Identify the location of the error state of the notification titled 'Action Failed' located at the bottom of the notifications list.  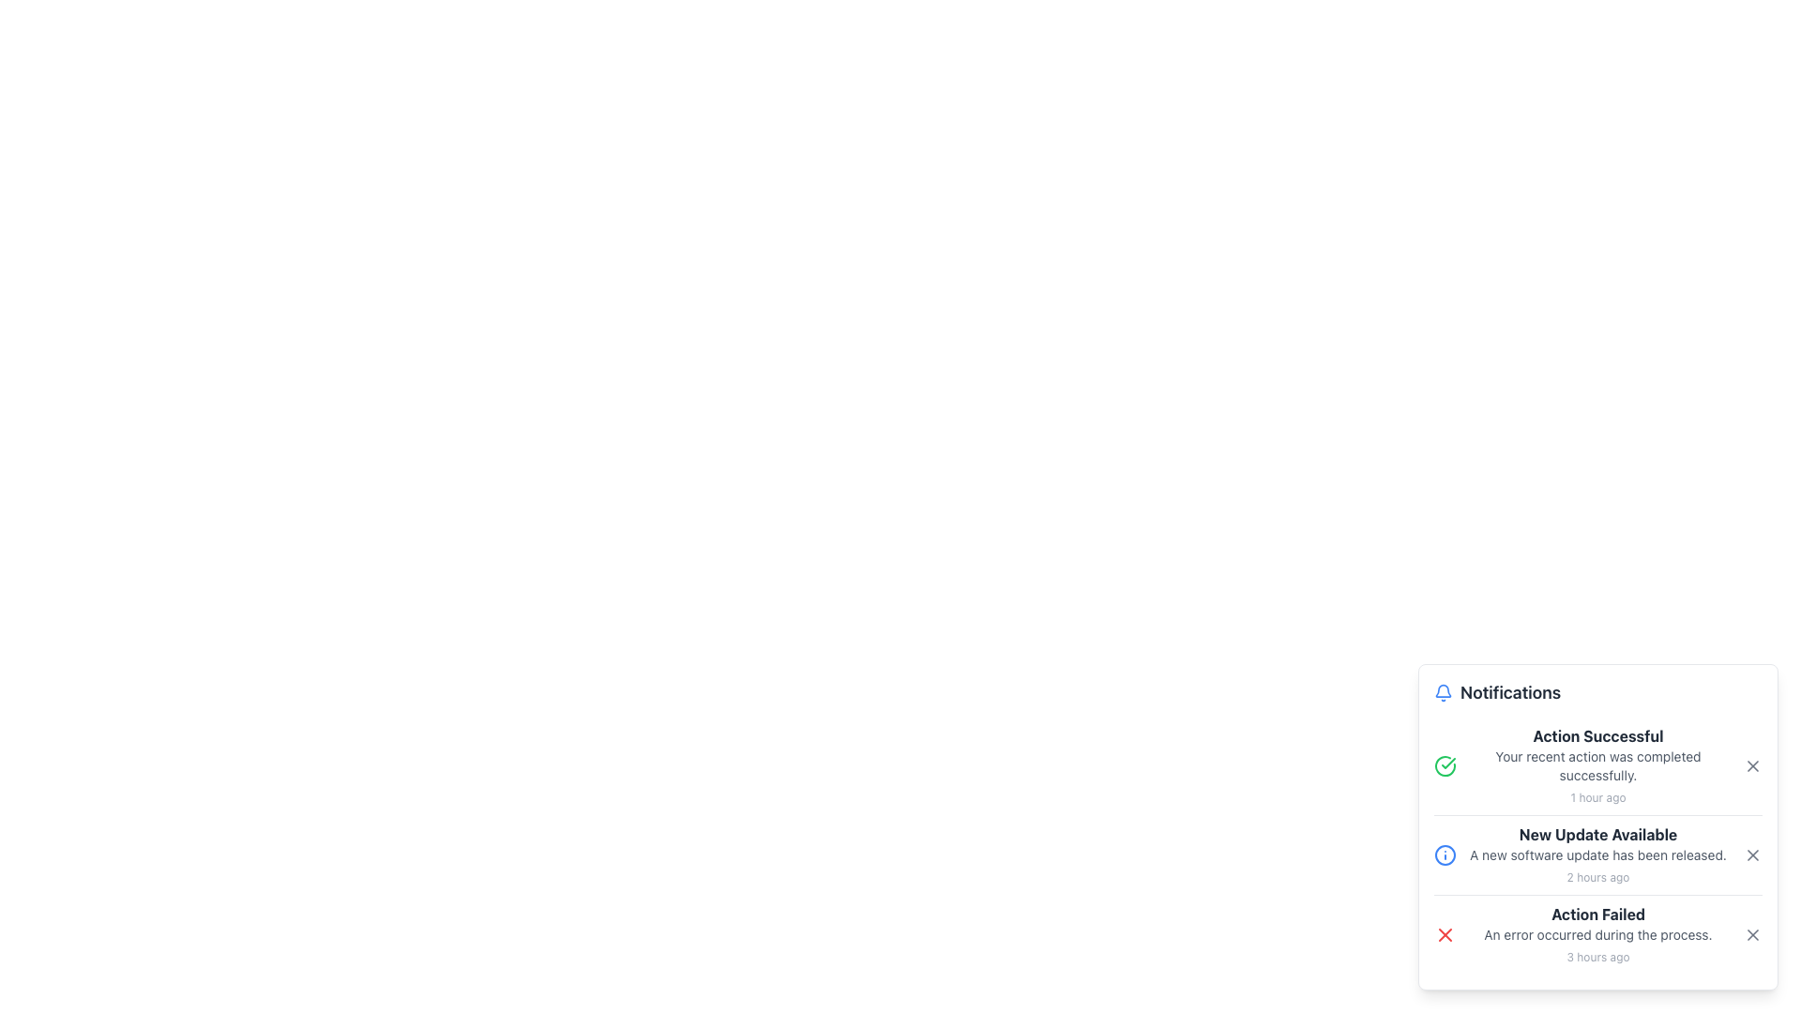
(1597, 934).